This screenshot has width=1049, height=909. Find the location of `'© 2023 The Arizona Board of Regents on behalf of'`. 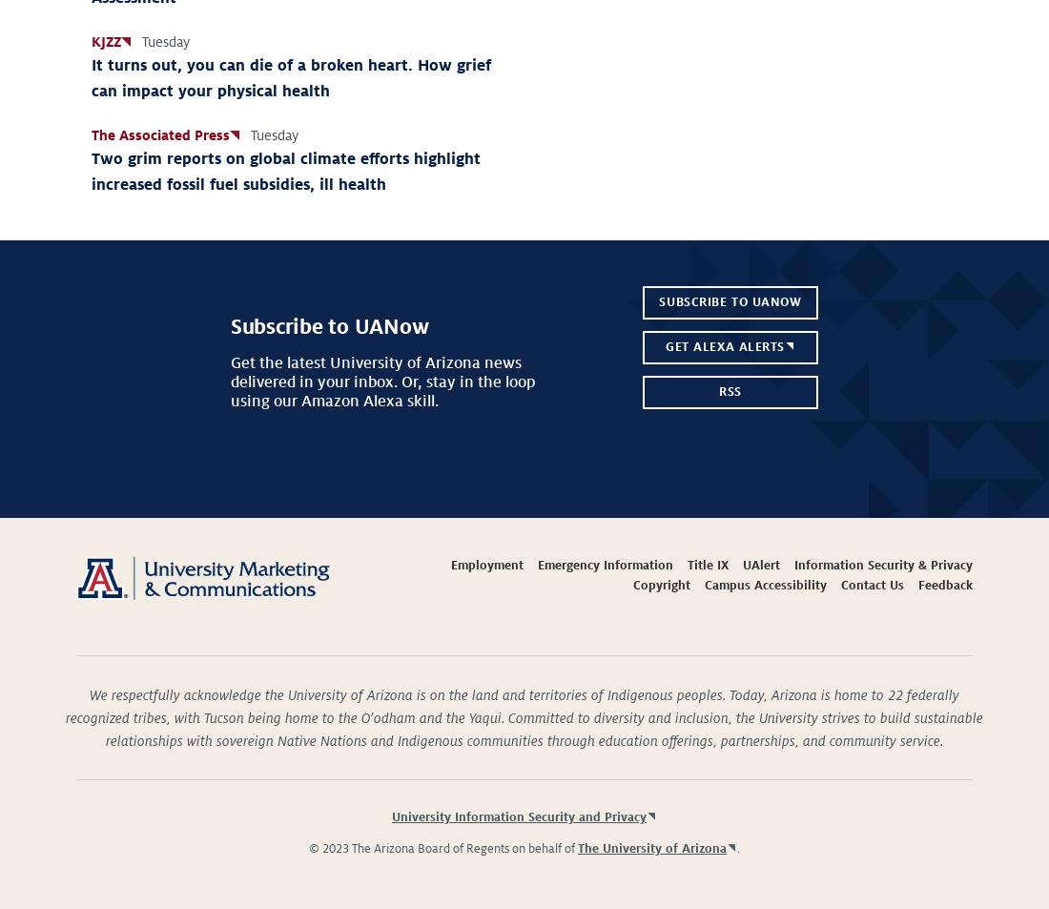

'© 2023 The Arizona Board of Regents on behalf of' is located at coordinates (441, 849).